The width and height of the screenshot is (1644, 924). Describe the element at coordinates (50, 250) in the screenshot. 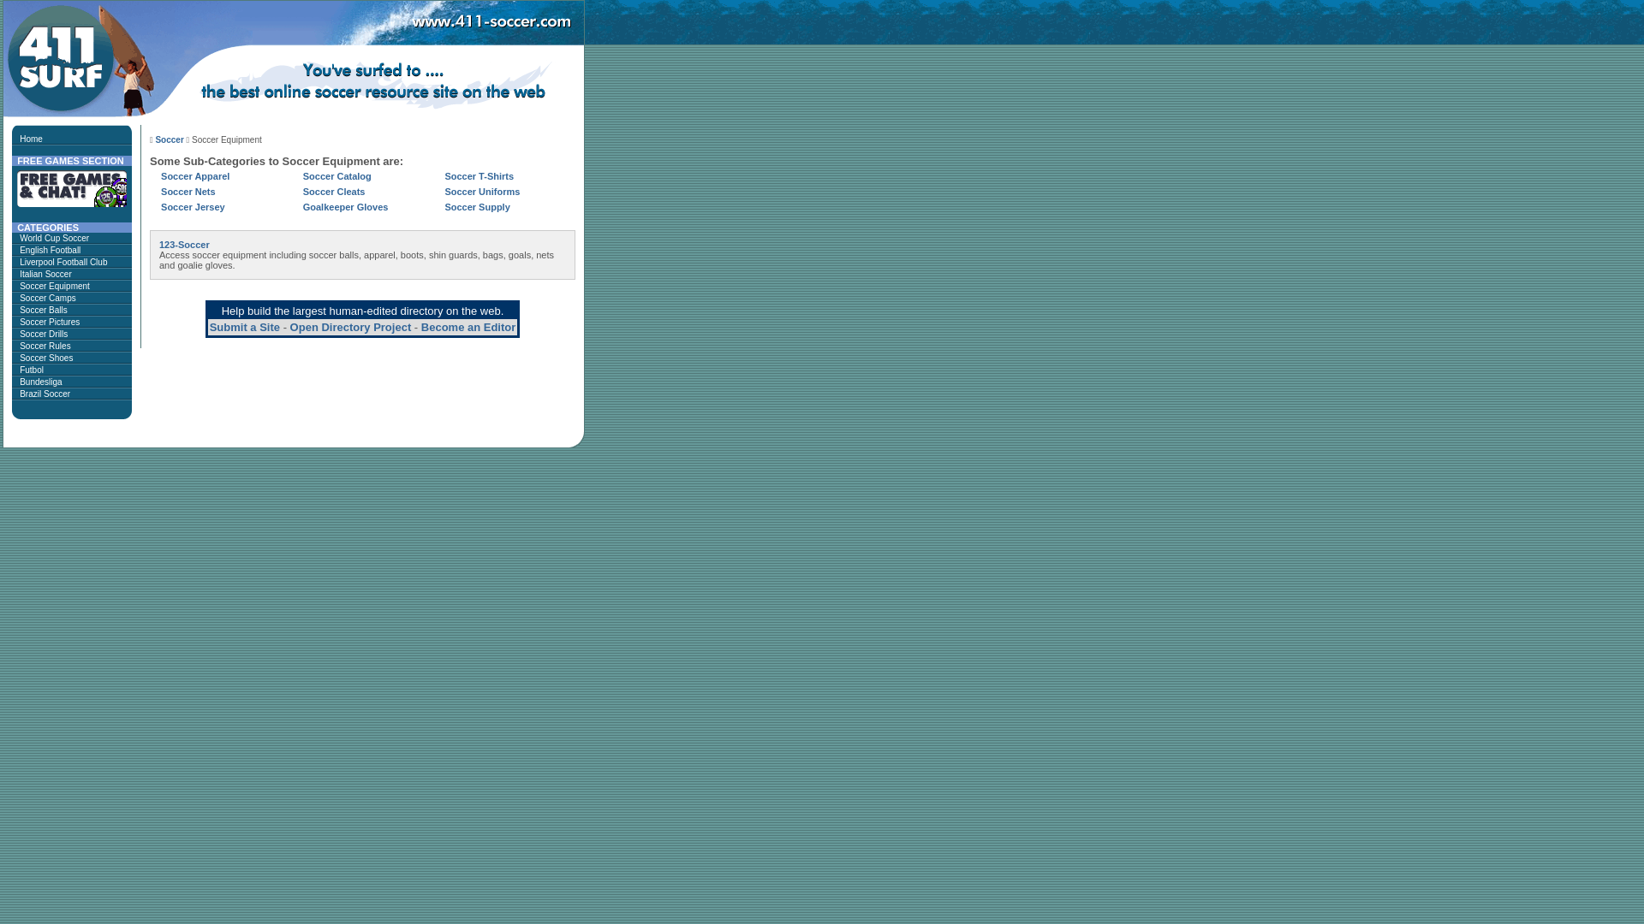

I see `'English Football'` at that location.